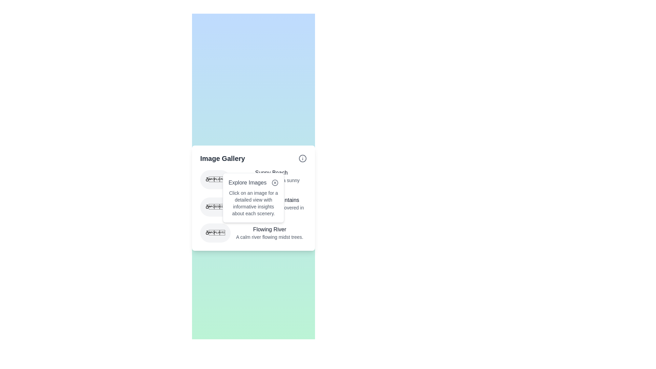  I want to click on the Text label that serves as the title for the 'Flowing River' section, located at the center bottom of the card in the 'Image Gallery' section, so click(269, 229).